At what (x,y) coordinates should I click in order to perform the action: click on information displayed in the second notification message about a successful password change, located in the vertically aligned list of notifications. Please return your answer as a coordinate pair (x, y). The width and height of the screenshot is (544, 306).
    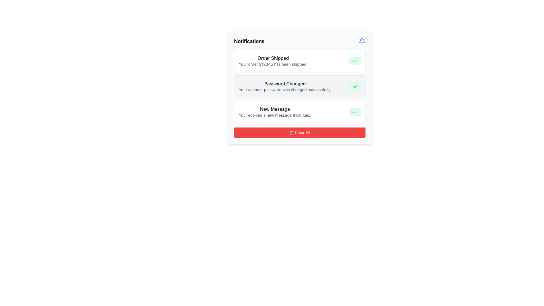
    Looking at the image, I should click on (285, 86).